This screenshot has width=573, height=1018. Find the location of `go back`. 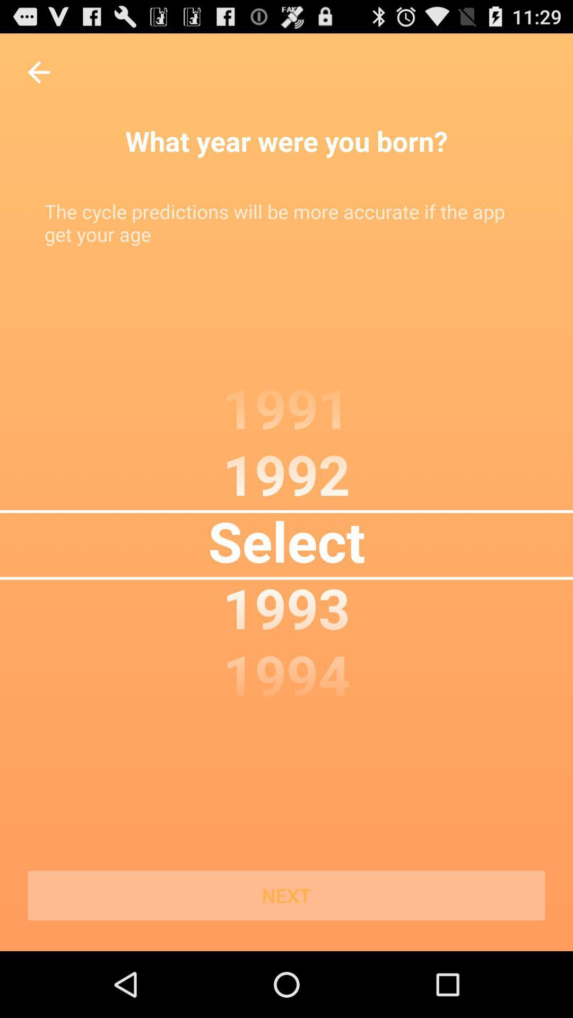

go back is located at coordinates (38, 72).